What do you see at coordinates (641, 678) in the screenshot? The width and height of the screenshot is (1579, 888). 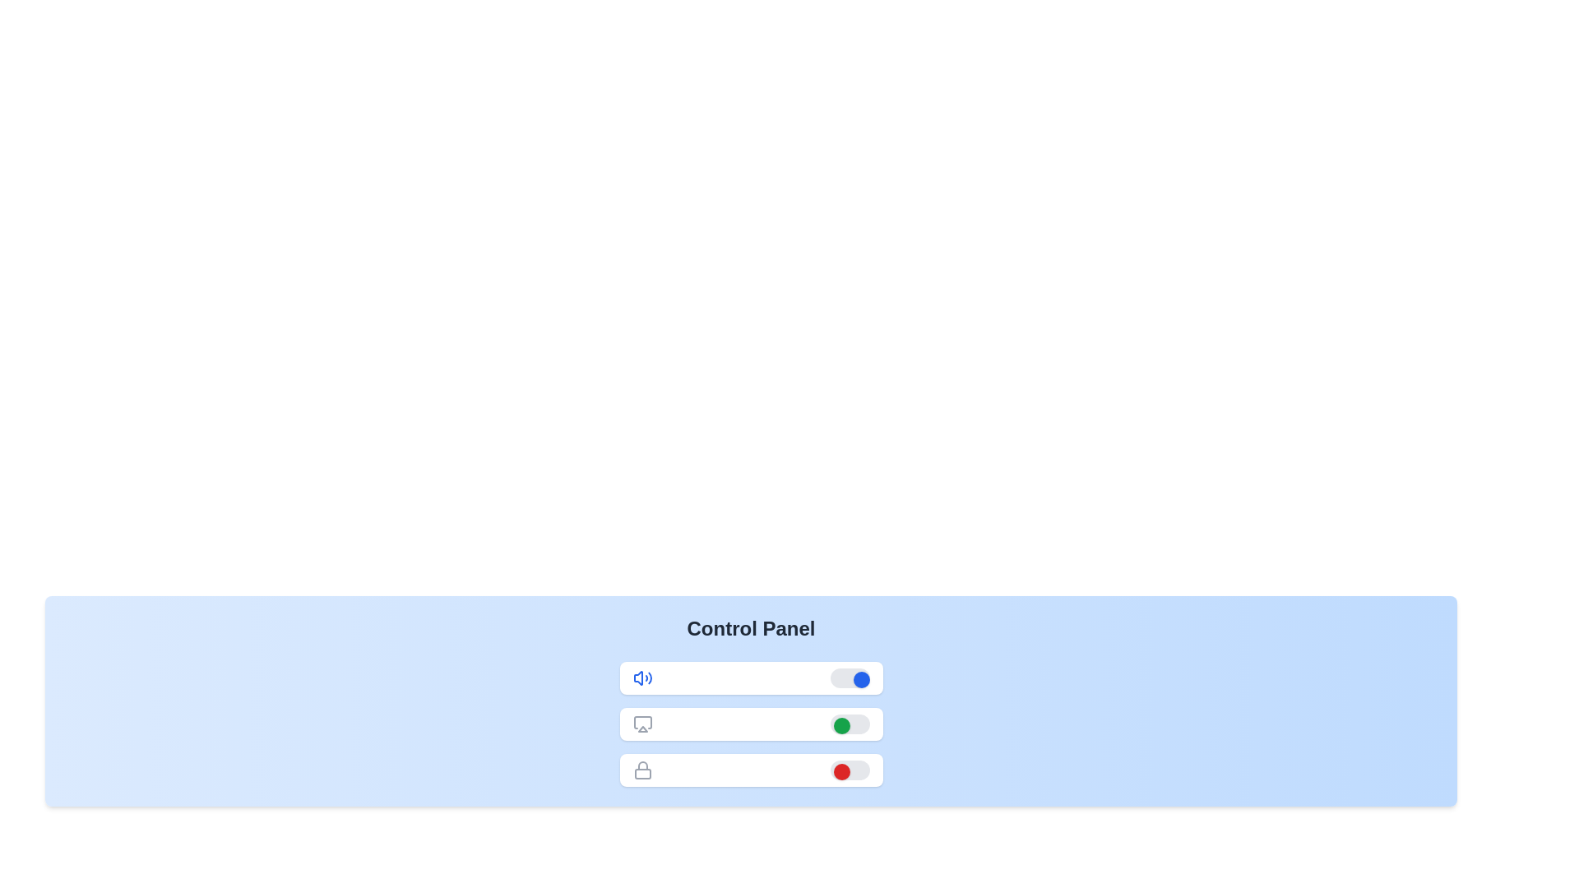 I see `the speaker icon that represents sound control, located as the leftmost element in the first row of the control panel, to engage with surrounding elements` at bounding box center [641, 678].